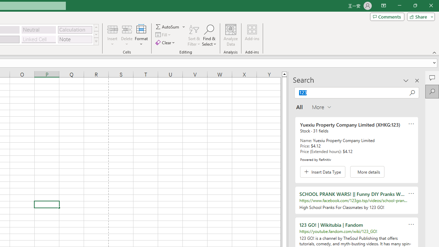 The width and height of the screenshot is (439, 247). What do you see at coordinates (430, 5) in the screenshot?
I see `'Close'` at bounding box center [430, 5].